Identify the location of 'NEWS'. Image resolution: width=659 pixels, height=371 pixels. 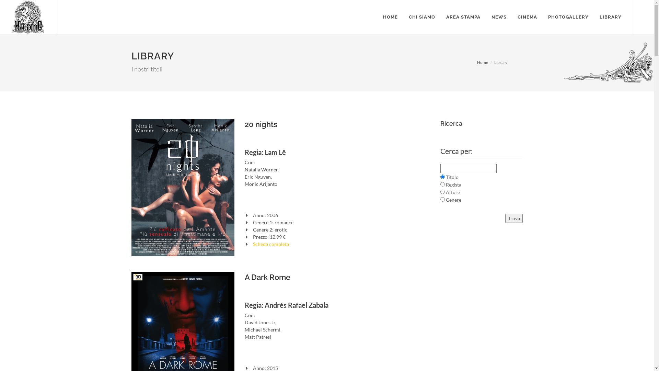
(499, 17).